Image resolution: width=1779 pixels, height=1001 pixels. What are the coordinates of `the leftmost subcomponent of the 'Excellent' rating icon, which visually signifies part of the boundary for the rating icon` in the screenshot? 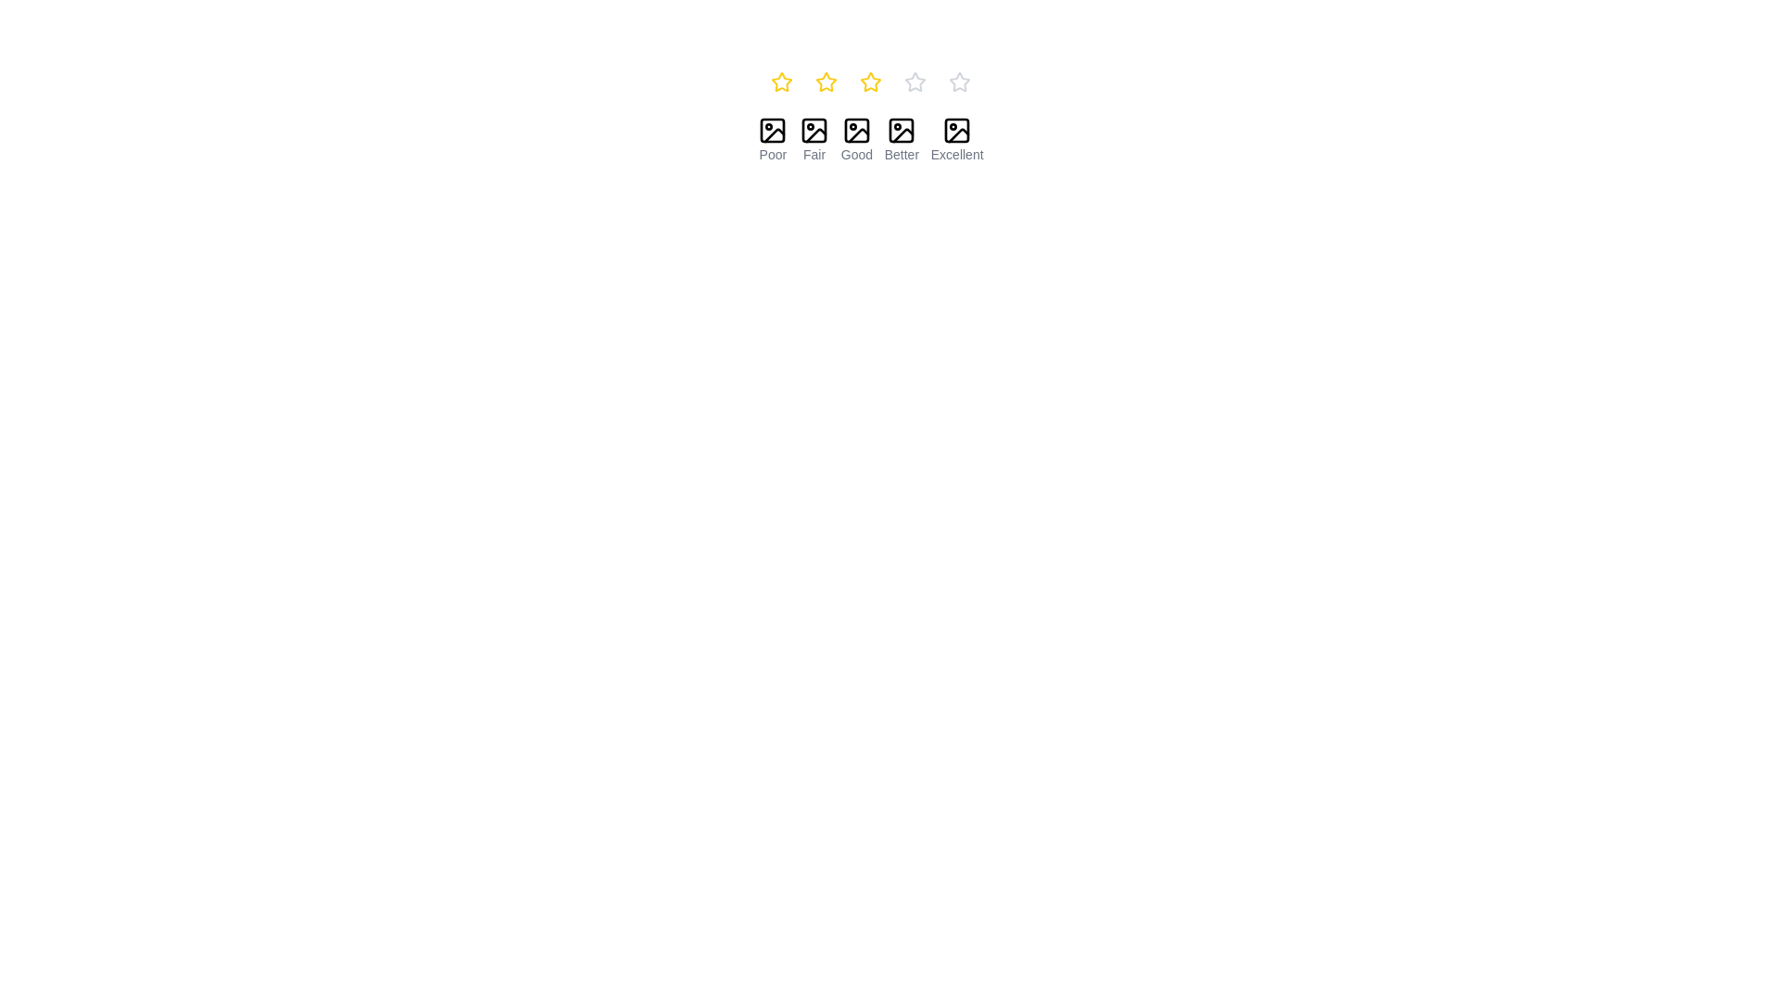 It's located at (956, 130).